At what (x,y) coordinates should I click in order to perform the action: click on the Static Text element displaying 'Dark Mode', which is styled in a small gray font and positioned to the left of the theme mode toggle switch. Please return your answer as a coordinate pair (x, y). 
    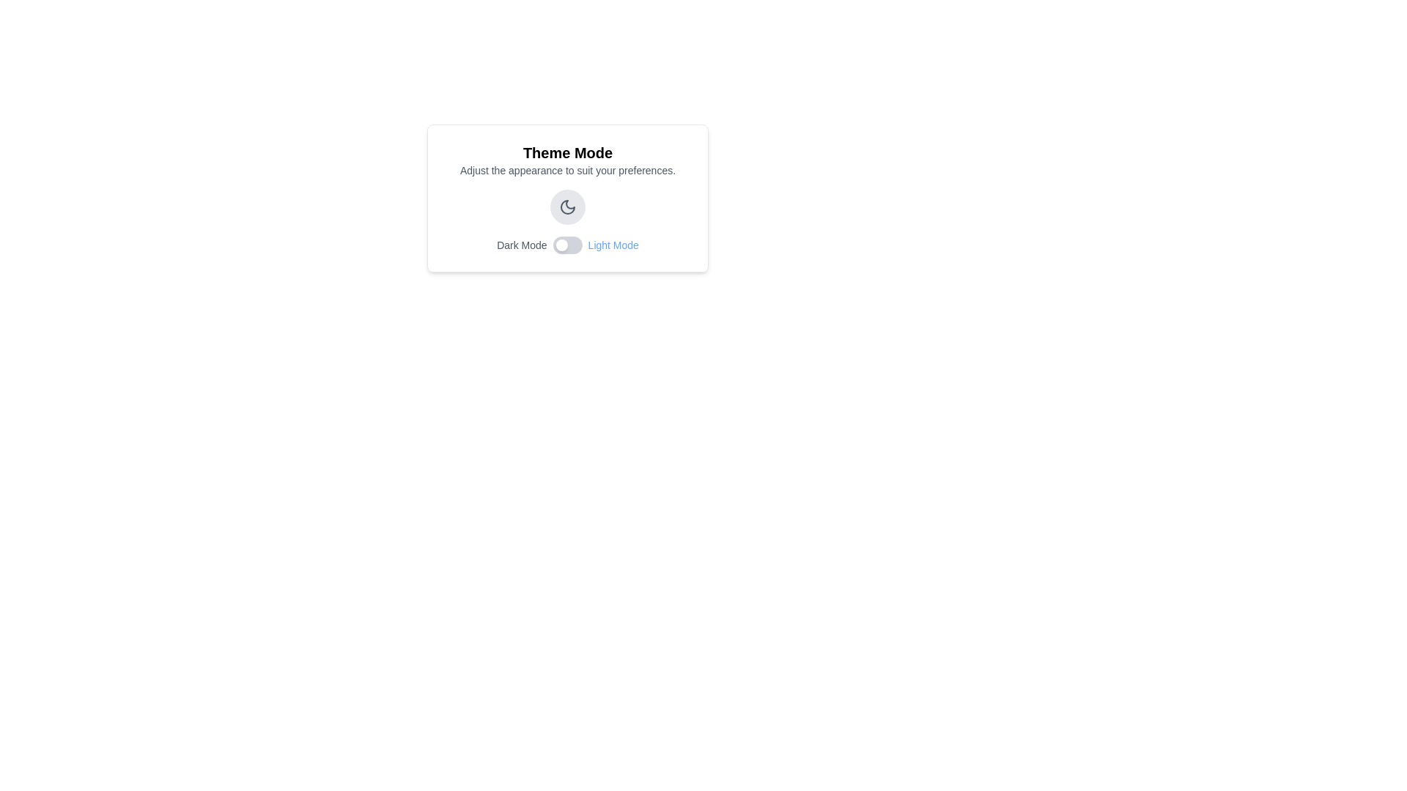
    Looking at the image, I should click on (522, 245).